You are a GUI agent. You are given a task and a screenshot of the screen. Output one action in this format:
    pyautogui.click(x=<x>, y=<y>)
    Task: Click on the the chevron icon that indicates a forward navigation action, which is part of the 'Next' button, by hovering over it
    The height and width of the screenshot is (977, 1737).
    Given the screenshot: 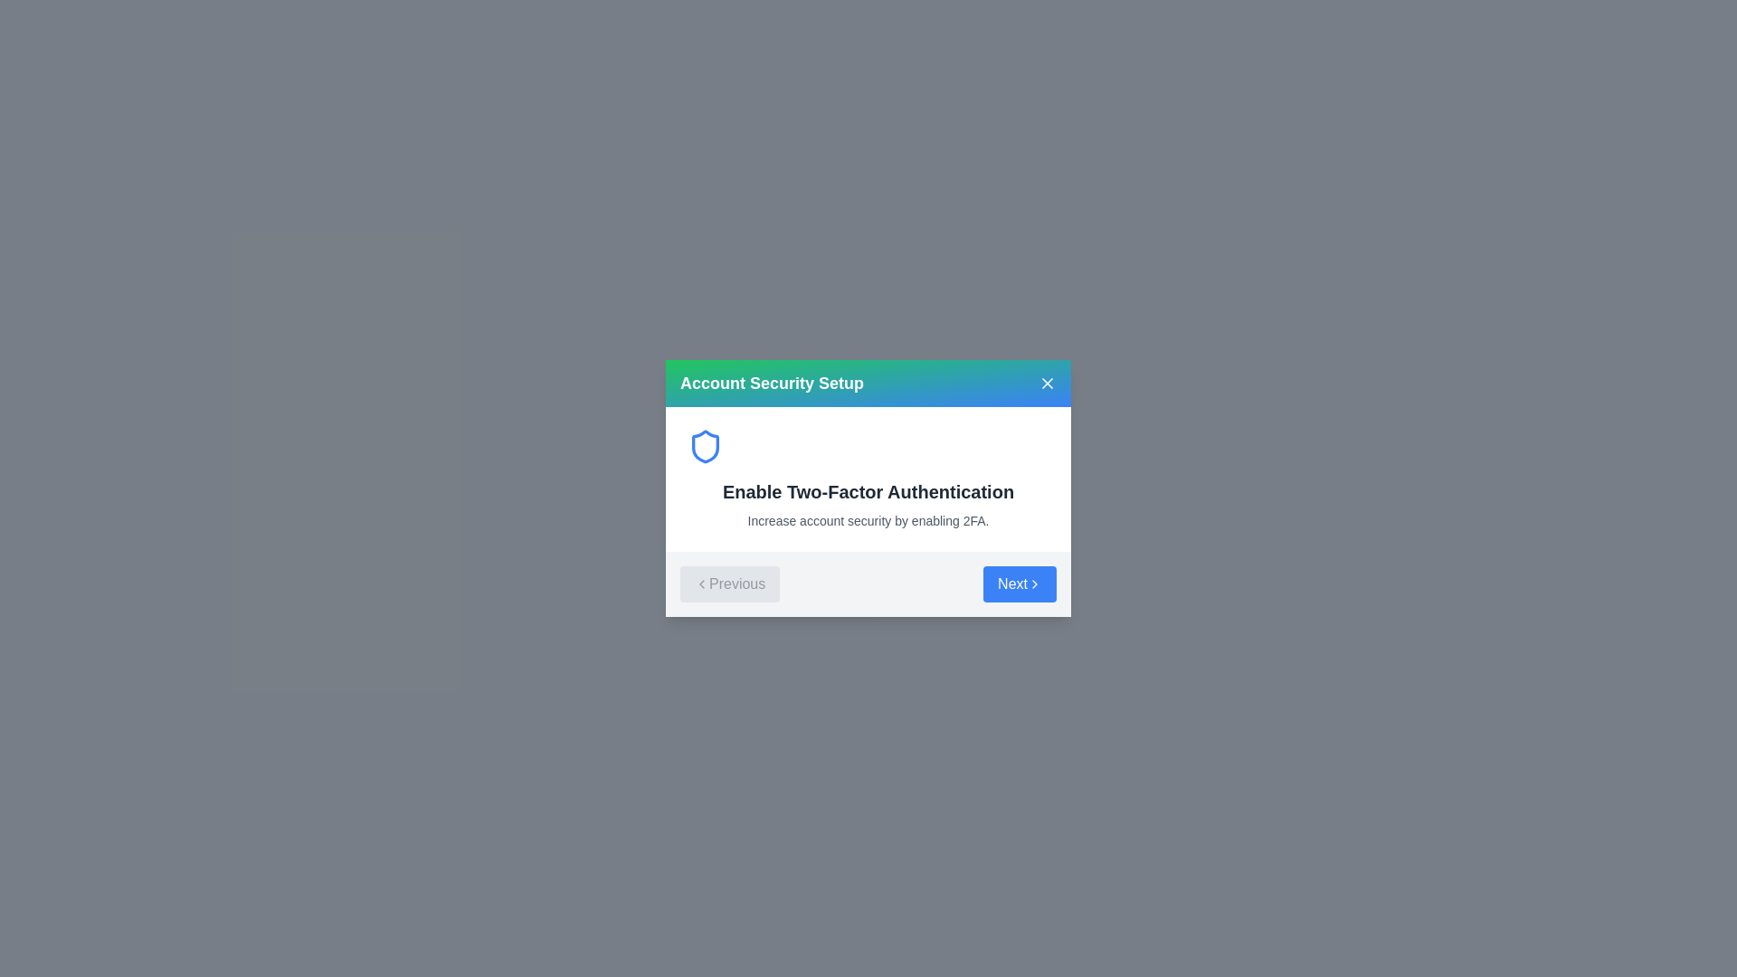 What is the action you would take?
    pyautogui.click(x=1034, y=583)
    